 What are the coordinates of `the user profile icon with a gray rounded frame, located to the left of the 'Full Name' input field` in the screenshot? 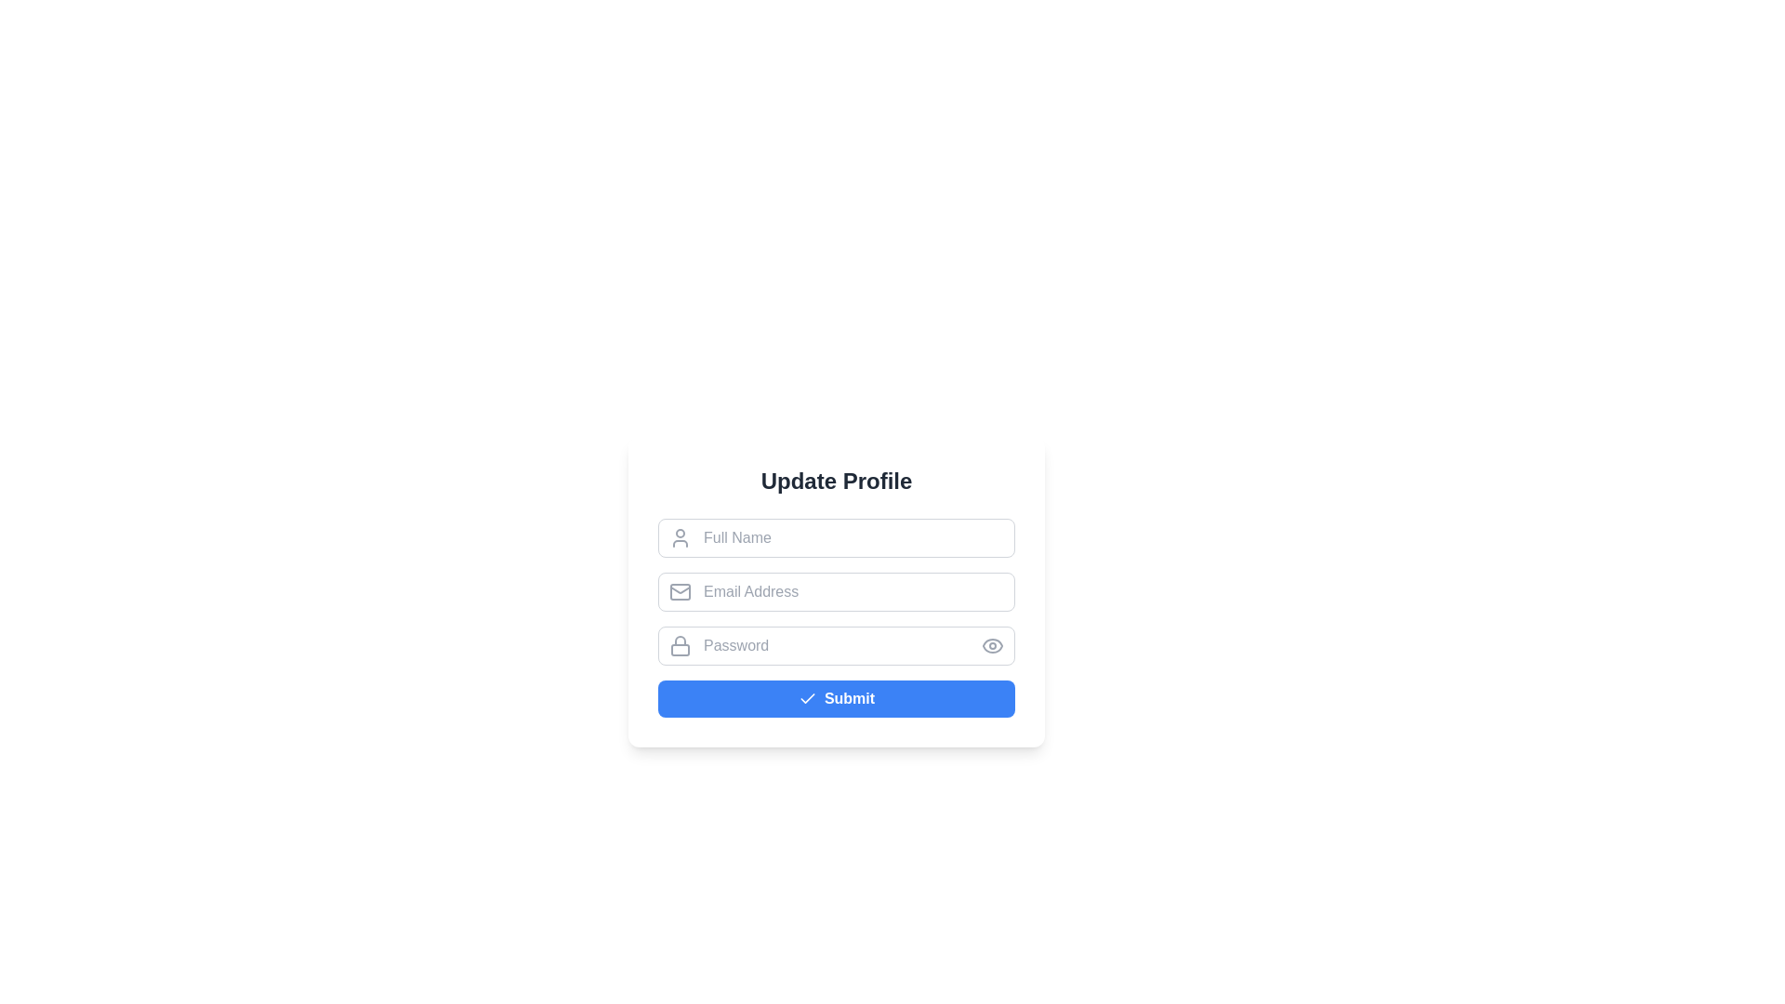 It's located at (679, 537).